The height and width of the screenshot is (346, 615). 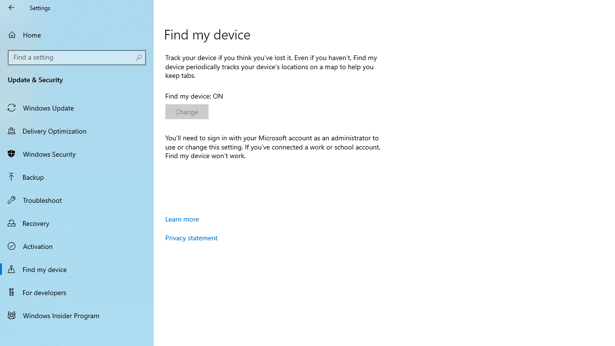 What do you see at coordinates (77, 315) in the screenshot?
I see `'Windows Insider Program'` at bounding box center [77, 315].